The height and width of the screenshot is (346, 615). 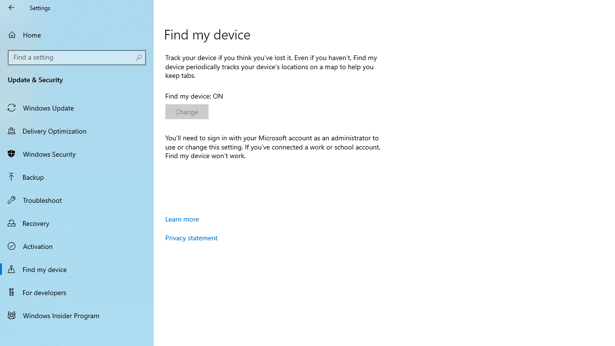 What do you see at coordinates (77, 315) in the screenshot?
I see `'Windows Insider Program'` at bounding box center [77, 315].